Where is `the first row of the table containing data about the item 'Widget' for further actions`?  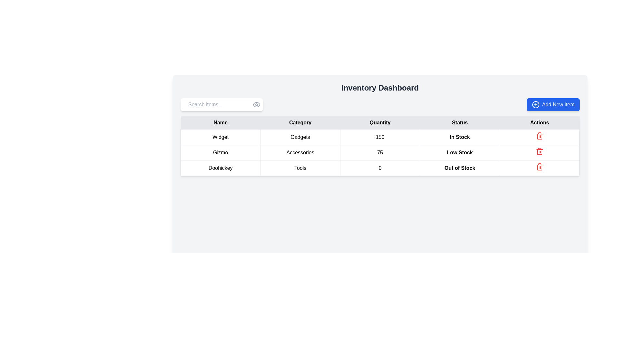 the first row of the table containing data about the item 'Widget' for further actions is located at coordinates (380, 136).